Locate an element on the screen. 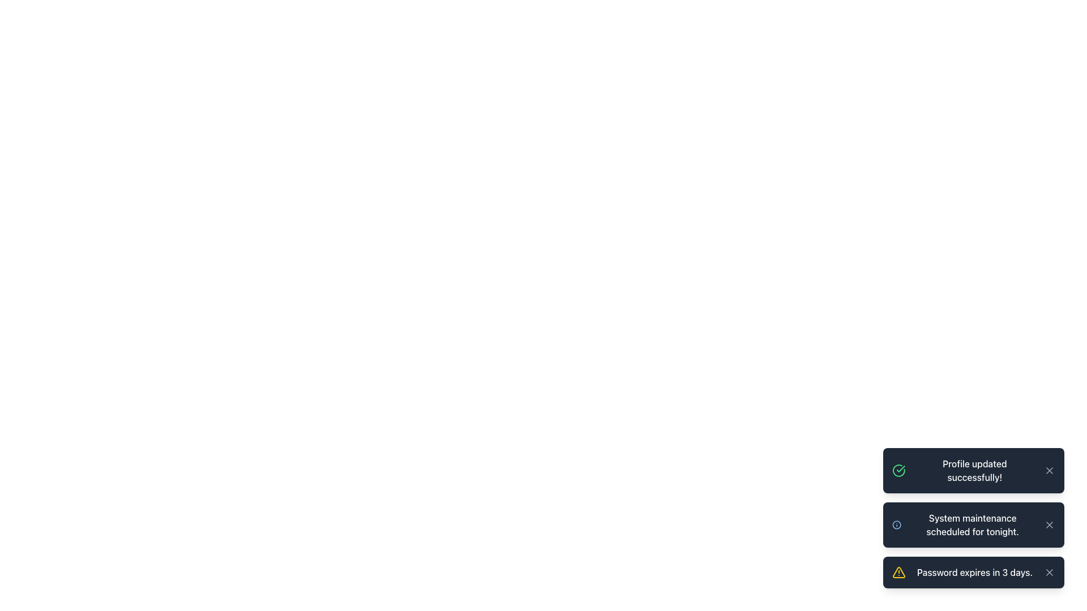  the visual alert context of the yellow warning triangle icon with an exclamation mark, which is part of the third notification indicating 'Password expires in 3 days.' is located at coordinates (898, 572).